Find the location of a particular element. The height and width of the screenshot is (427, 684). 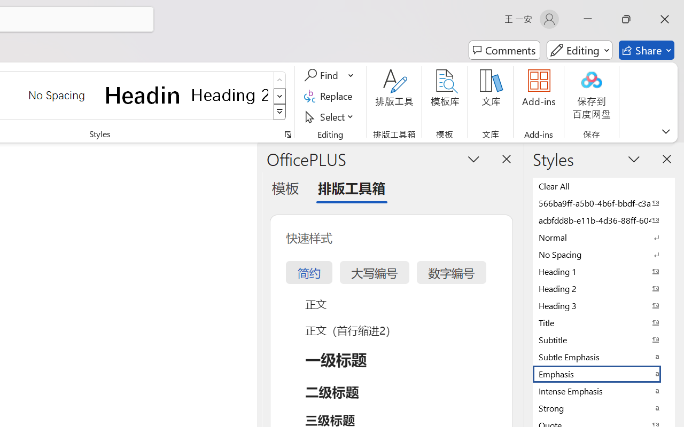

'Find' is located at coordinates (322, 75).